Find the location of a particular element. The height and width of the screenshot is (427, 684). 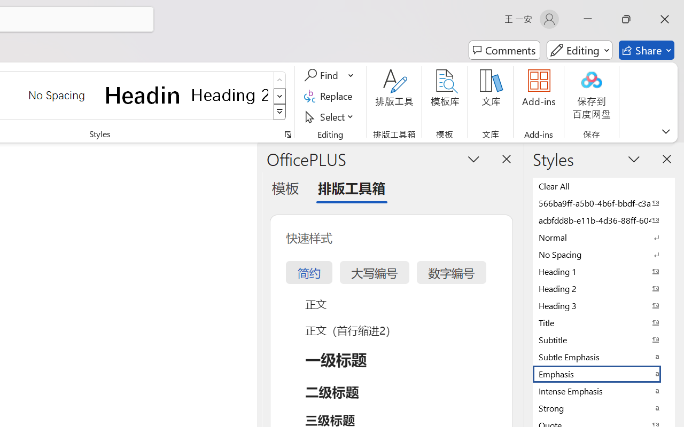

'Find' is located at coordinates (322, 75).